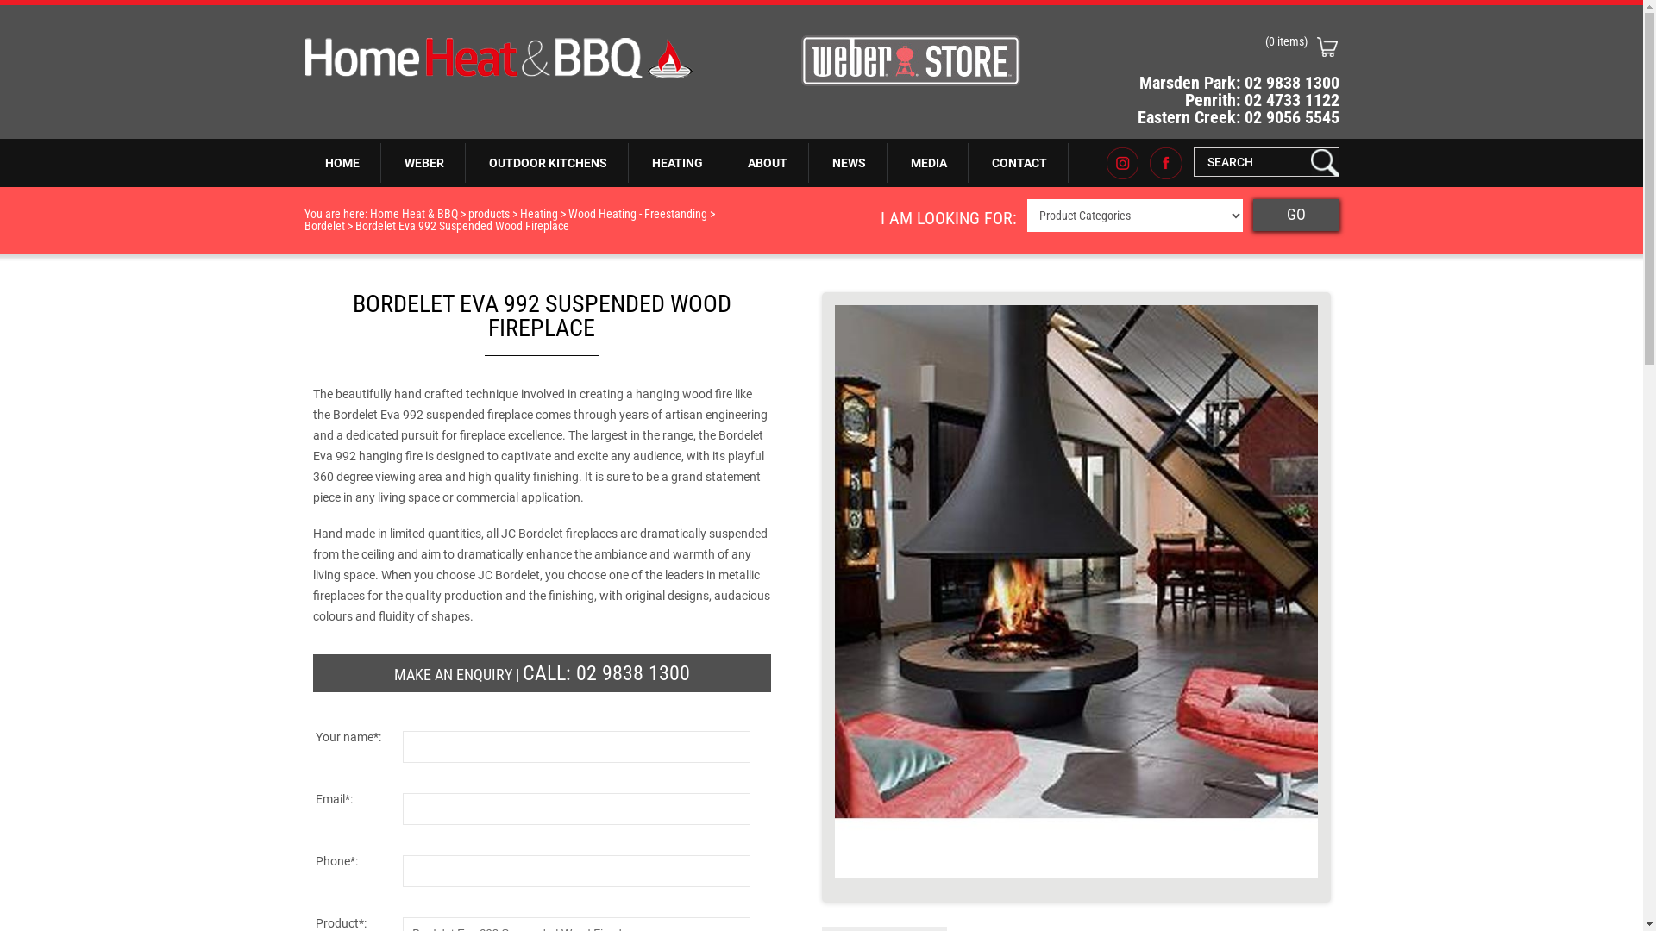 Image resolution: width=1656 pixels, height=931 pixels. What do you see at coordinates (1019, 163) in the screenshot?
I see `'CONTACT'` at bounding box center [1019, 163].